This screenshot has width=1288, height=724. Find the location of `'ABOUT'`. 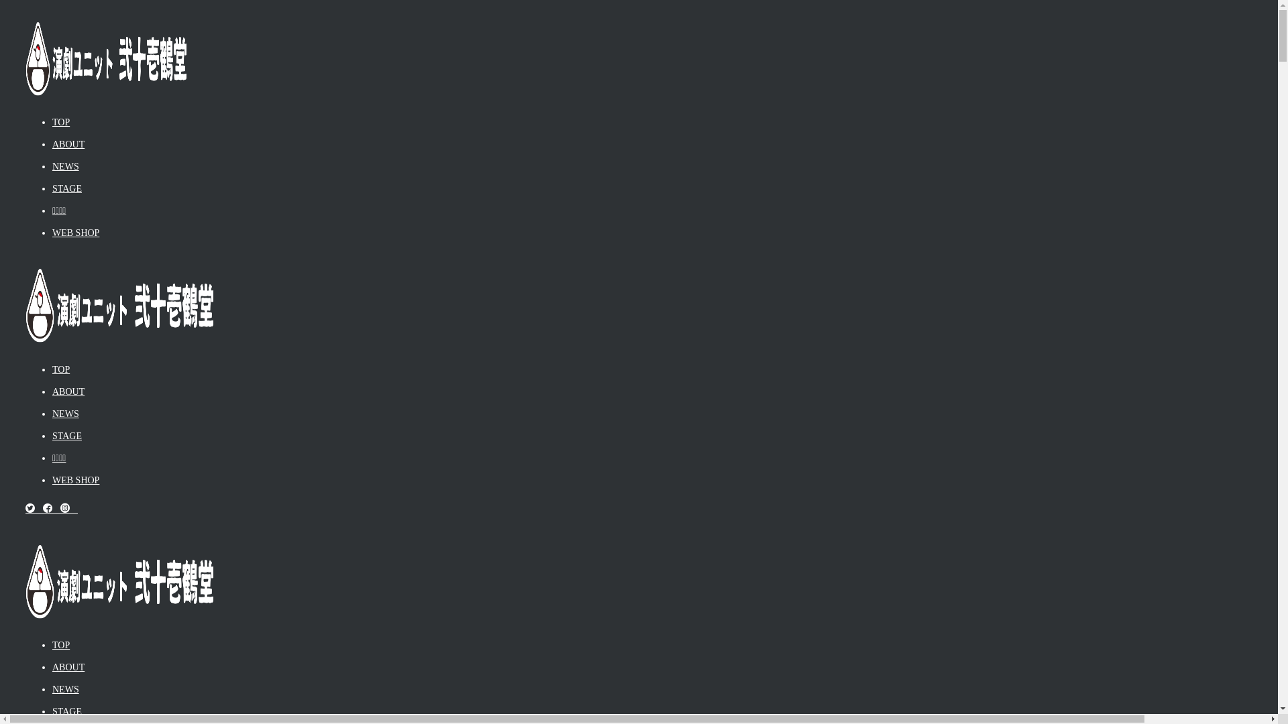

'ABOUT' is located at coordinates (52, 144).